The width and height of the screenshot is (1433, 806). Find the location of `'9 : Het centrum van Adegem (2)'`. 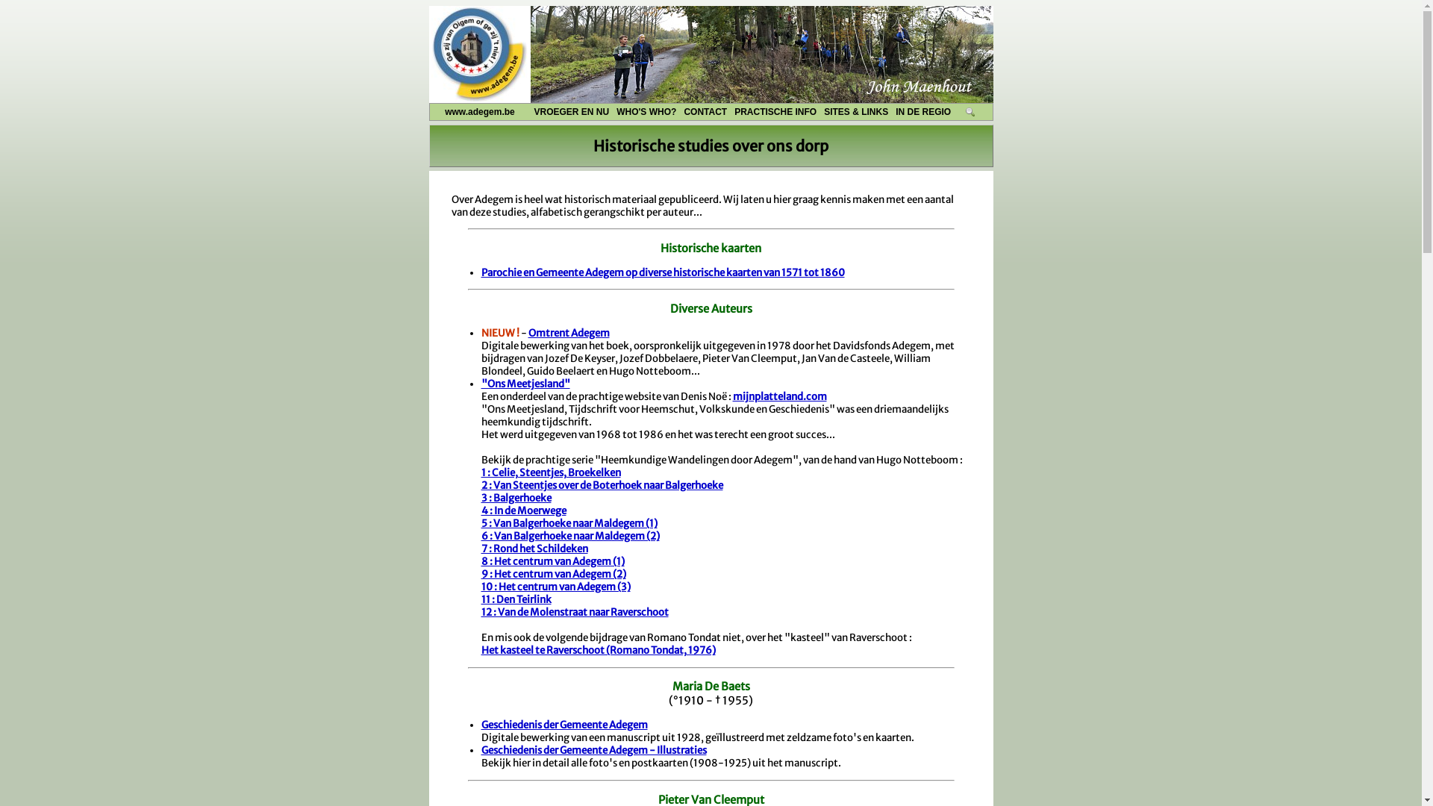

'9 : Het centrum van Adegem (2)' is located at coordinates (552, 573).